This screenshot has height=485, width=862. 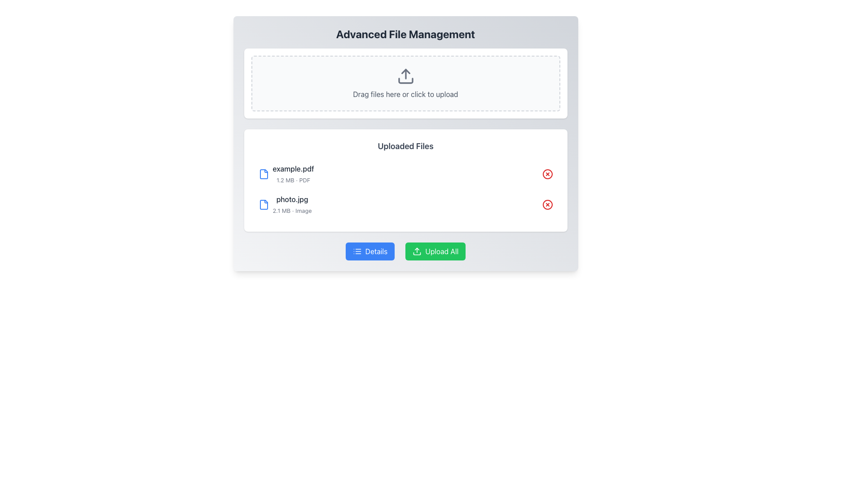 What do you see at coordinates (405, 146) in the screenshot?
I see `text from the Text Label that serves as the title for the section displaying uploaded files, located above individual uploaded files like 'example.pdf' and 'photo.jpg'` at bounding box center [405, 146].